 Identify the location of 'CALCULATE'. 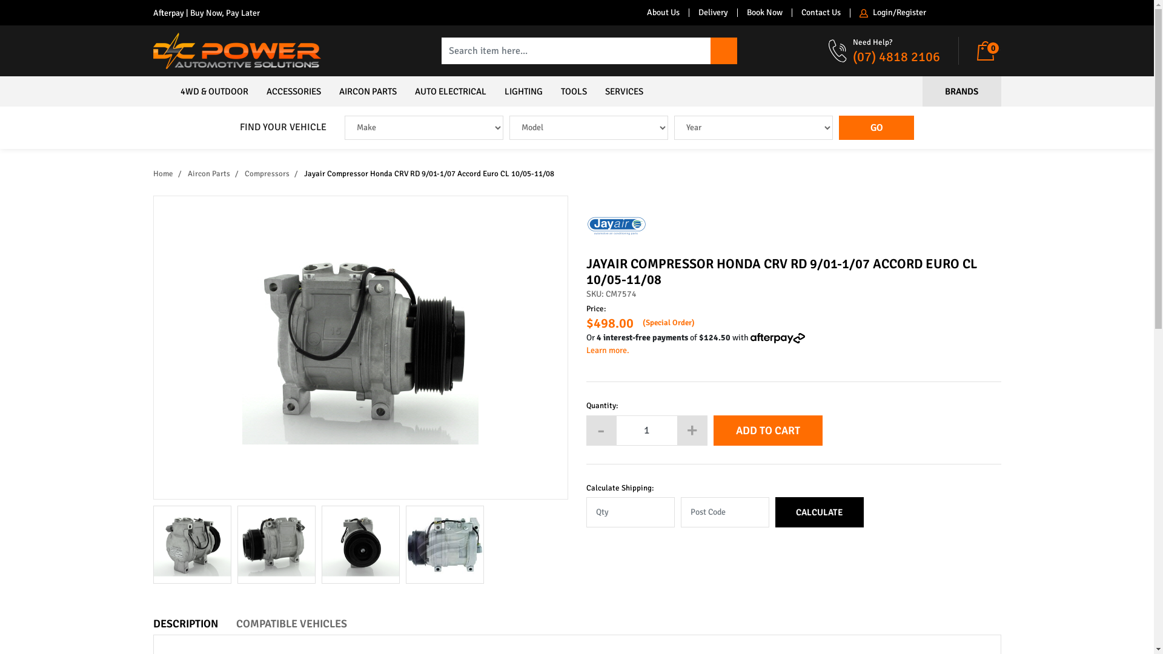
(775, 512).